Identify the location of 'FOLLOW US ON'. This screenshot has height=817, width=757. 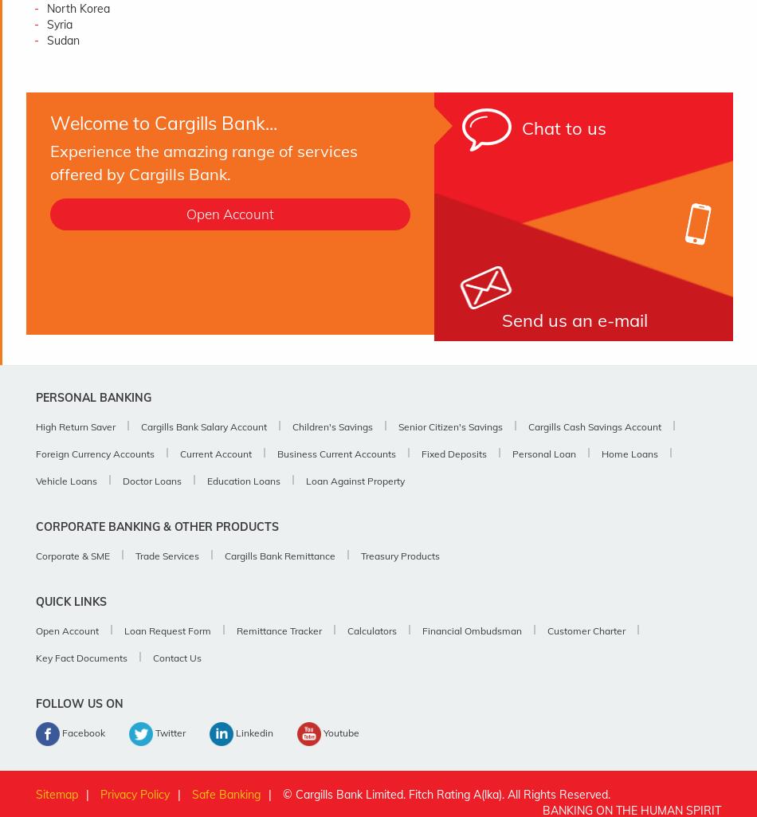
(80, 704).